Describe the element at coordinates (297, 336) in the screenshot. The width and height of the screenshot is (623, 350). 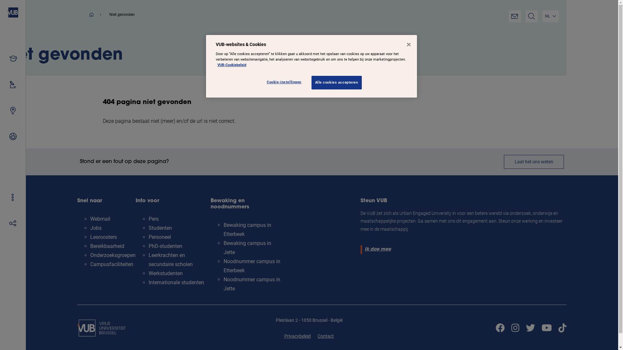
I see `'Privacybeleid'` at that location.